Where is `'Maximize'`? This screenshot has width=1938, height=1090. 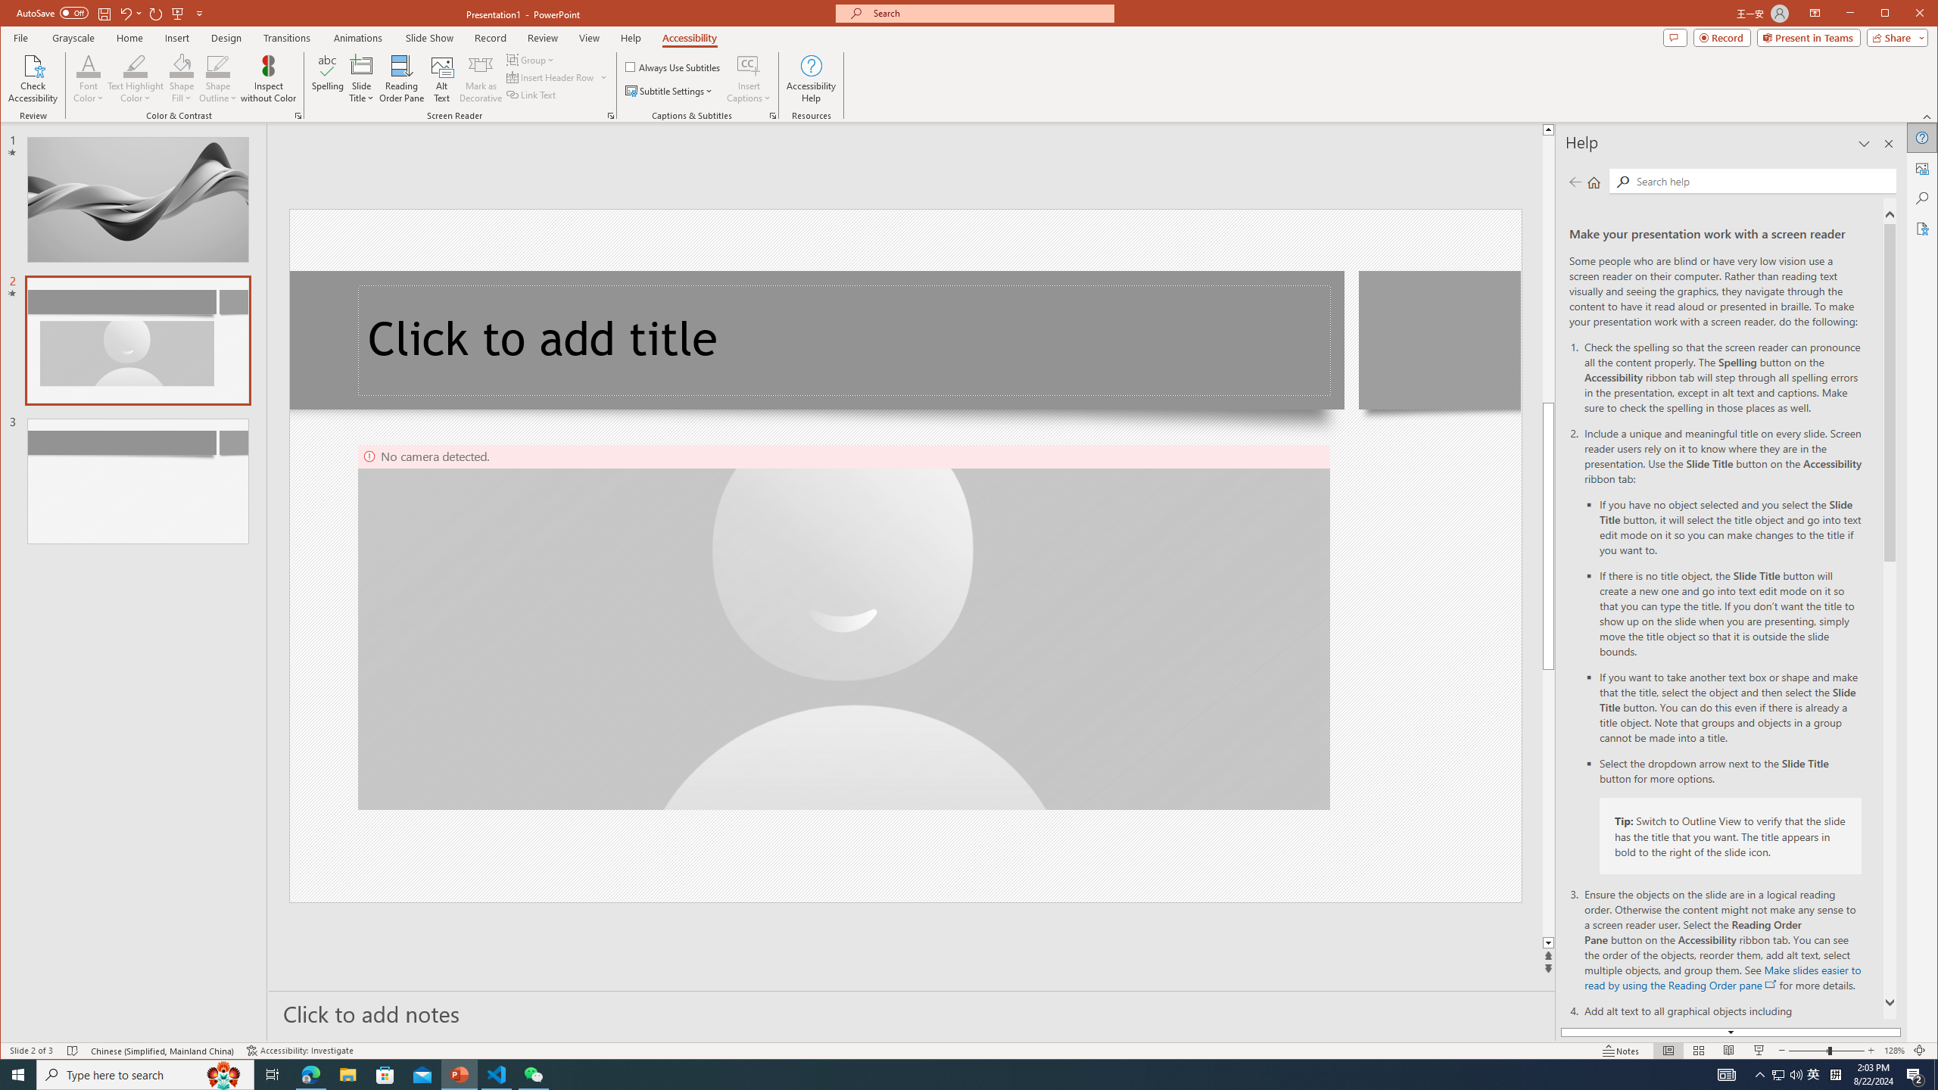
'Maximize' is located at coordinates (1907, 14).